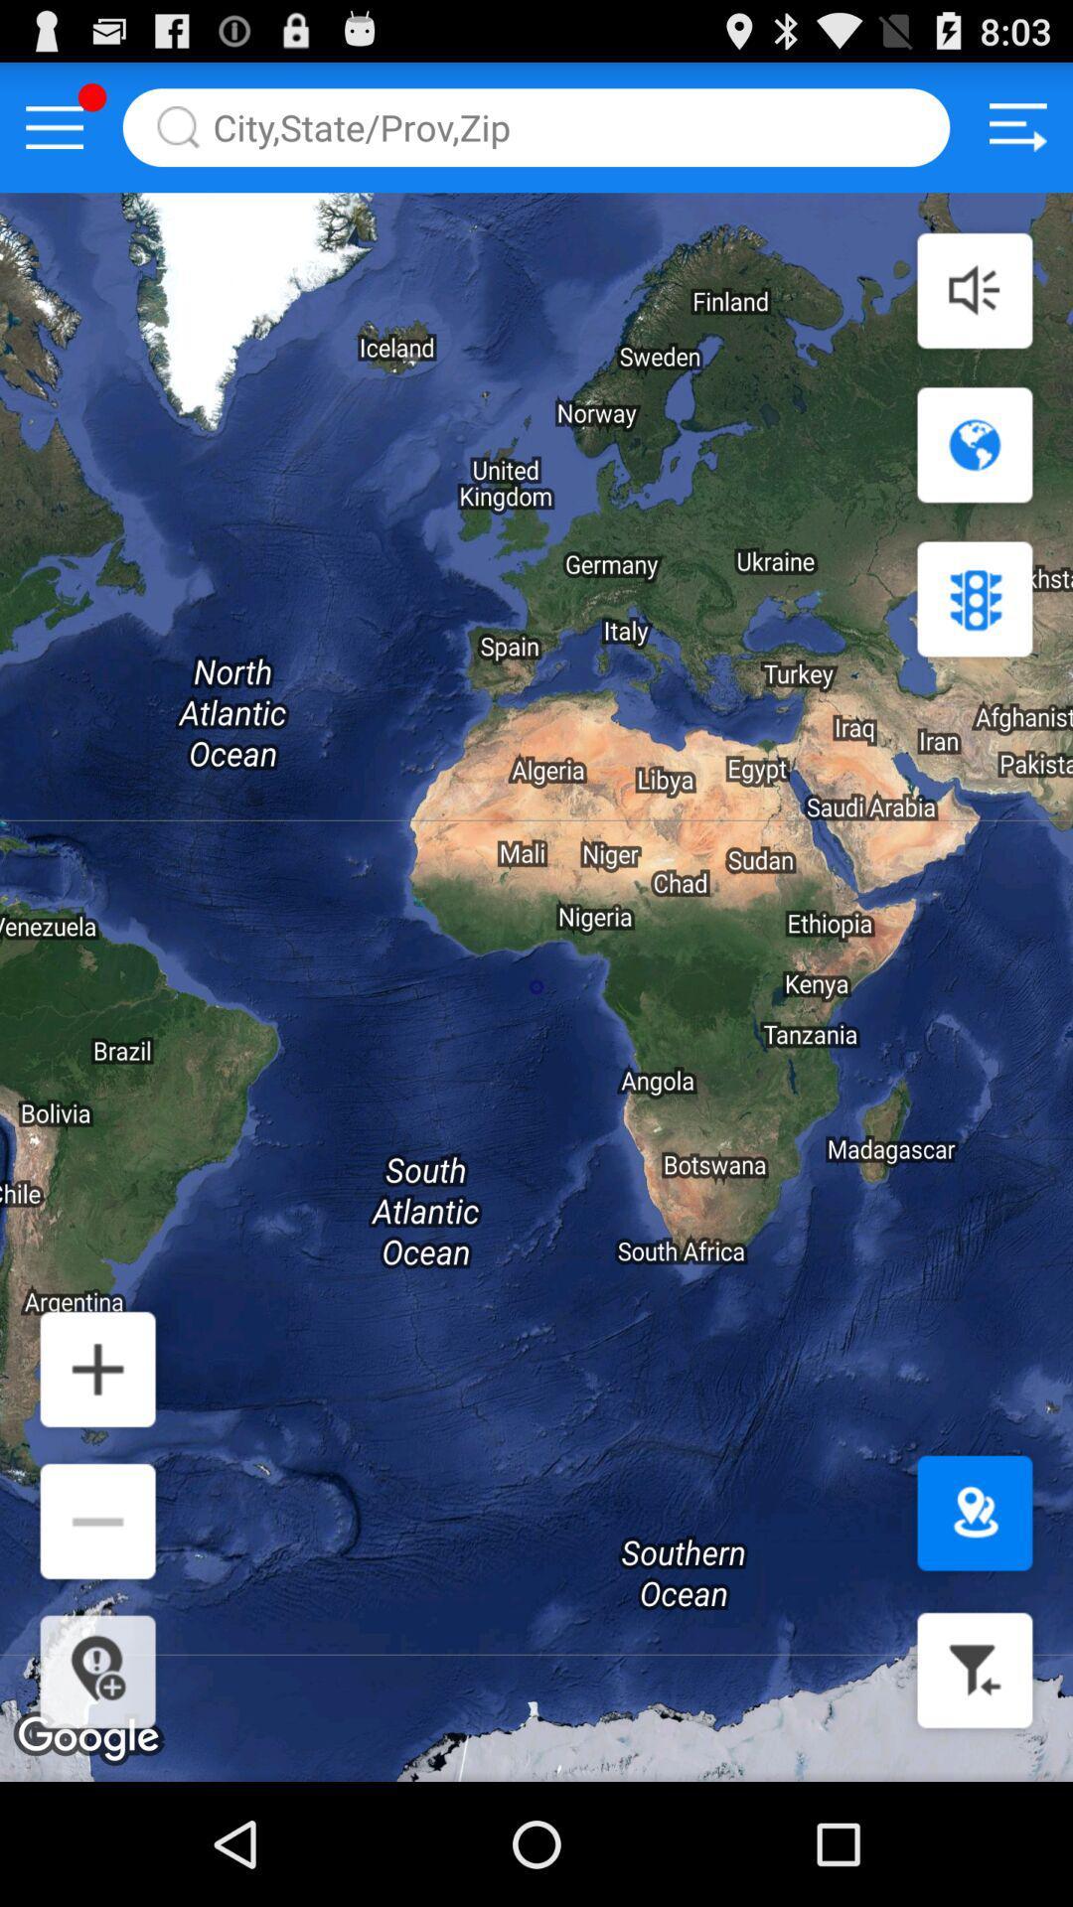 Image resolution: width=1073 pixels, height=1907 pixels. I want to click on the volume icon, so click(974, 310).